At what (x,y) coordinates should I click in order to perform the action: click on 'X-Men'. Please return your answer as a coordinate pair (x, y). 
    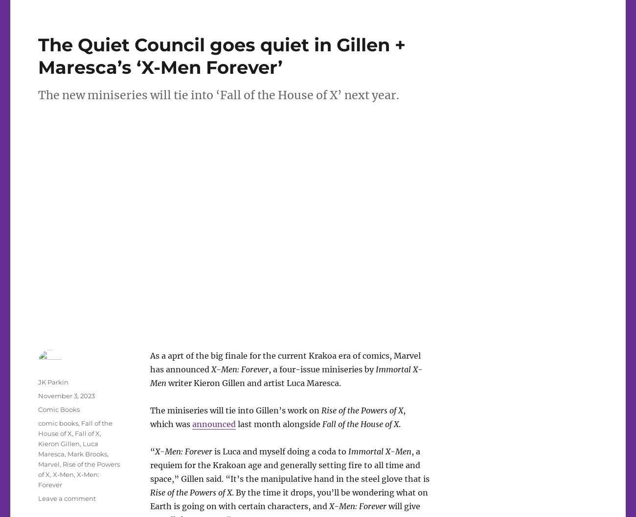
    Looking at the image, I should click on (63, 474).